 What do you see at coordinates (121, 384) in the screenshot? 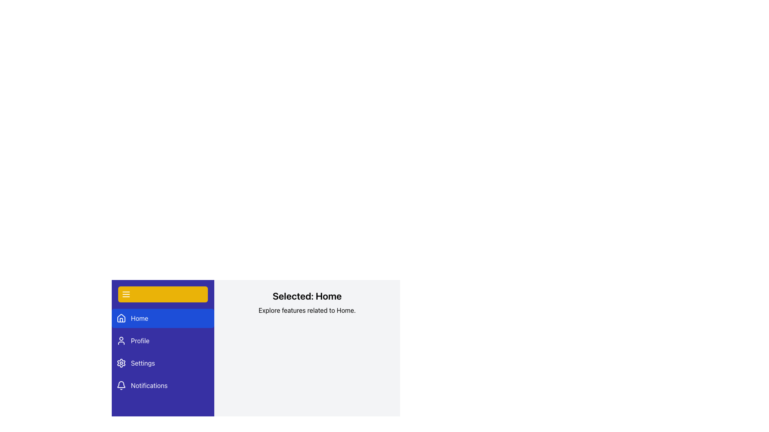
I see `the bell-shaped notification icon located in the left-side navigation bar under the 'Notifications' menu item` at bounding box center [121, 384].